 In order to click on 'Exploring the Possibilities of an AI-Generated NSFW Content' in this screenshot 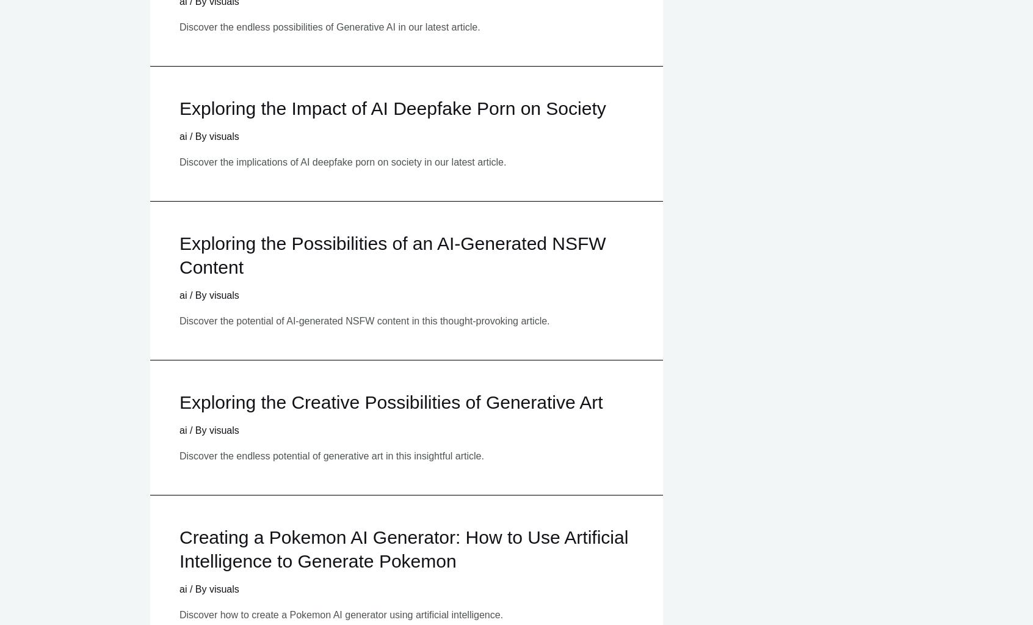, I will do `click(392, 254)`.